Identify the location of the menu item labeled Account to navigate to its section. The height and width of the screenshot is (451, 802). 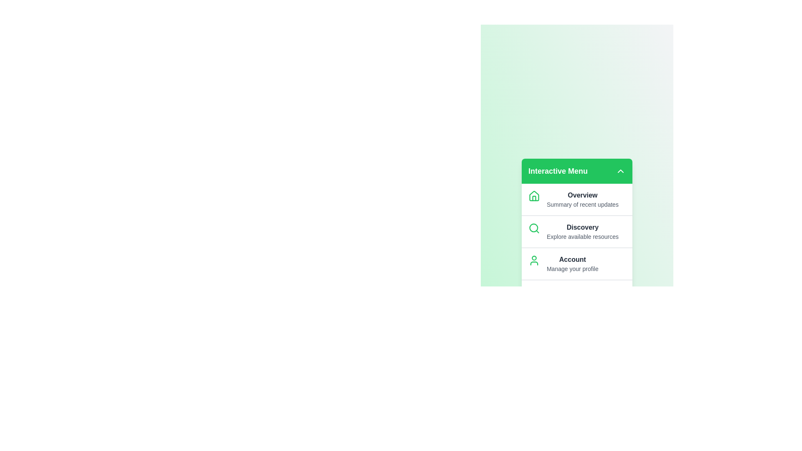
(572, 259).